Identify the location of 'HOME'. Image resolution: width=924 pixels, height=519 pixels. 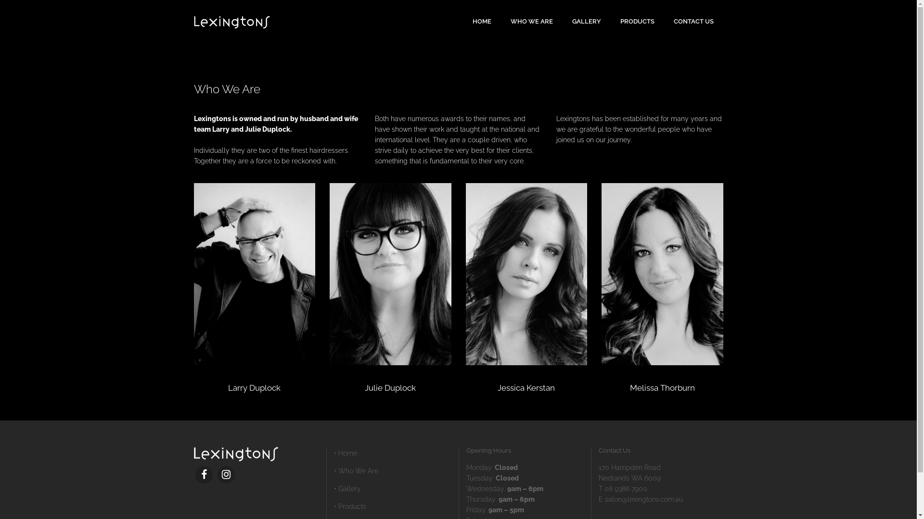
(462, 22).